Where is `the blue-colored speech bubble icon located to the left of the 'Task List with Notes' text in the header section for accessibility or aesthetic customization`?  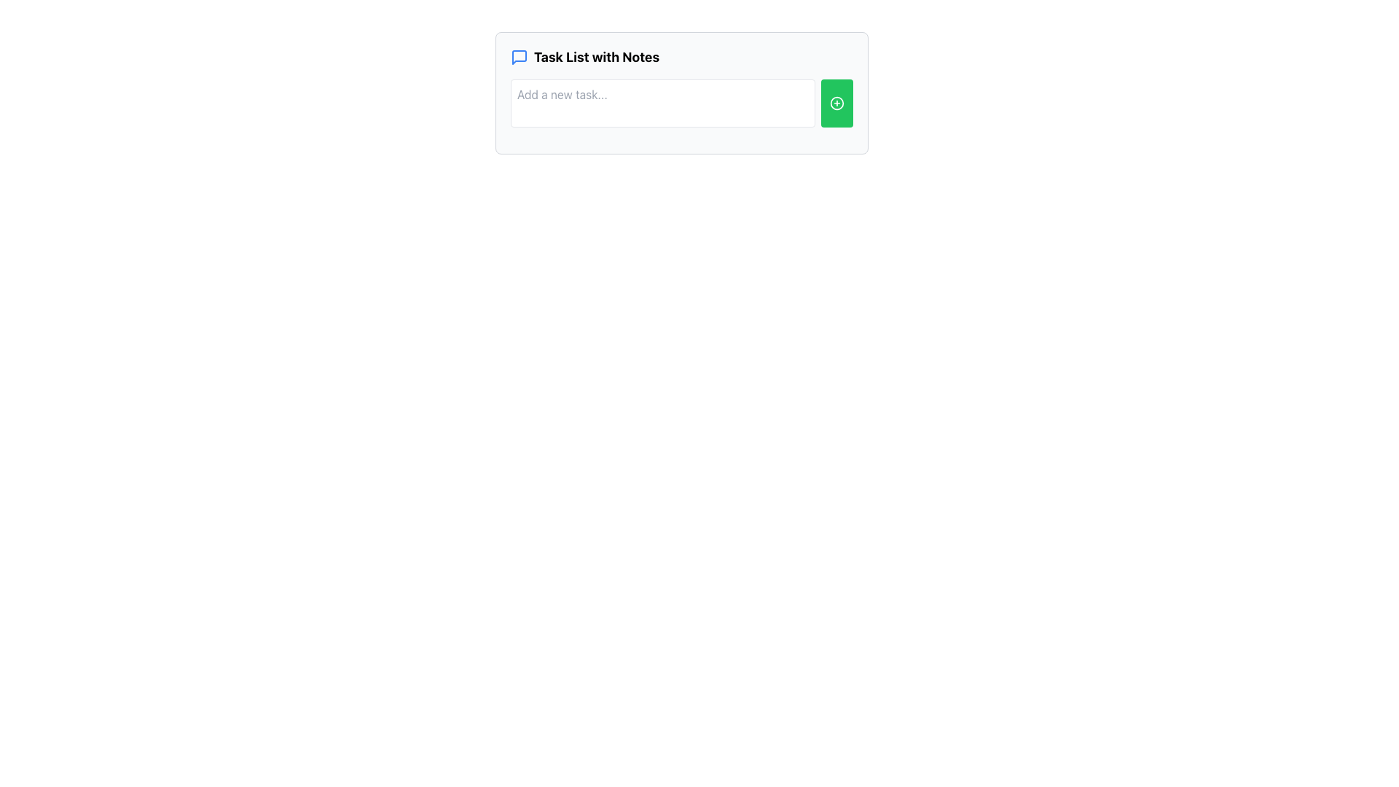 the blue-colored speech bubble icon located to the left of the 'Task List with Notes' text in the header section for accessibility or aesthetic customization is located at coordinates (520, 56).